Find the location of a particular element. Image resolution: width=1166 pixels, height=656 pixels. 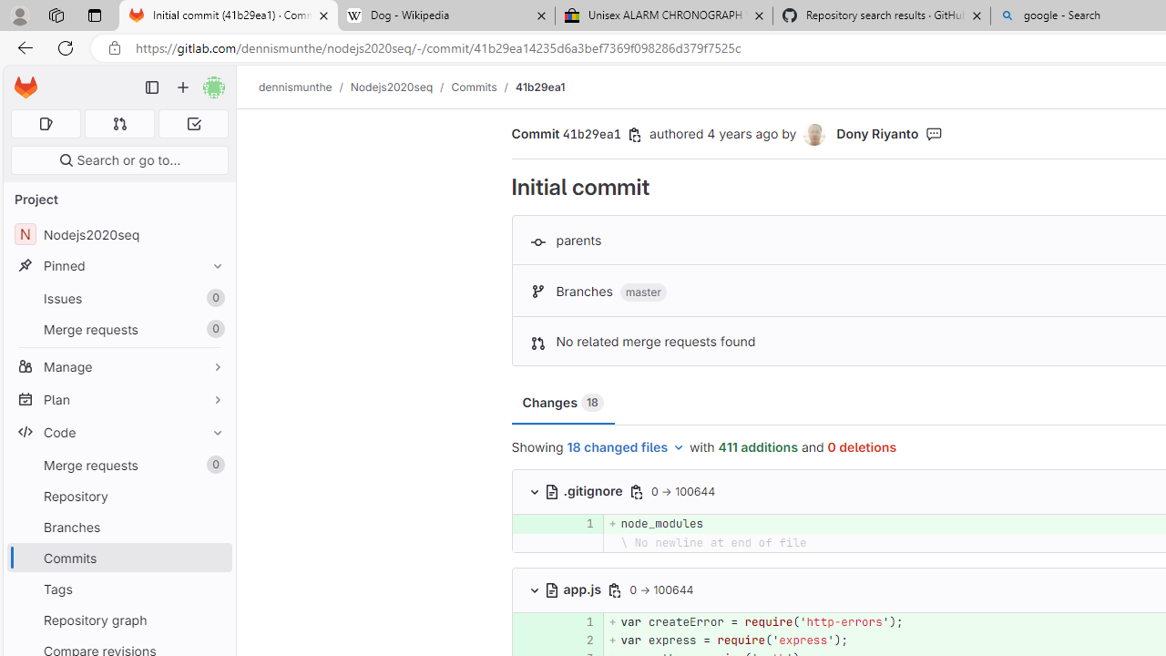

'Assigned issues 0' is located at coordinates (46, 123).